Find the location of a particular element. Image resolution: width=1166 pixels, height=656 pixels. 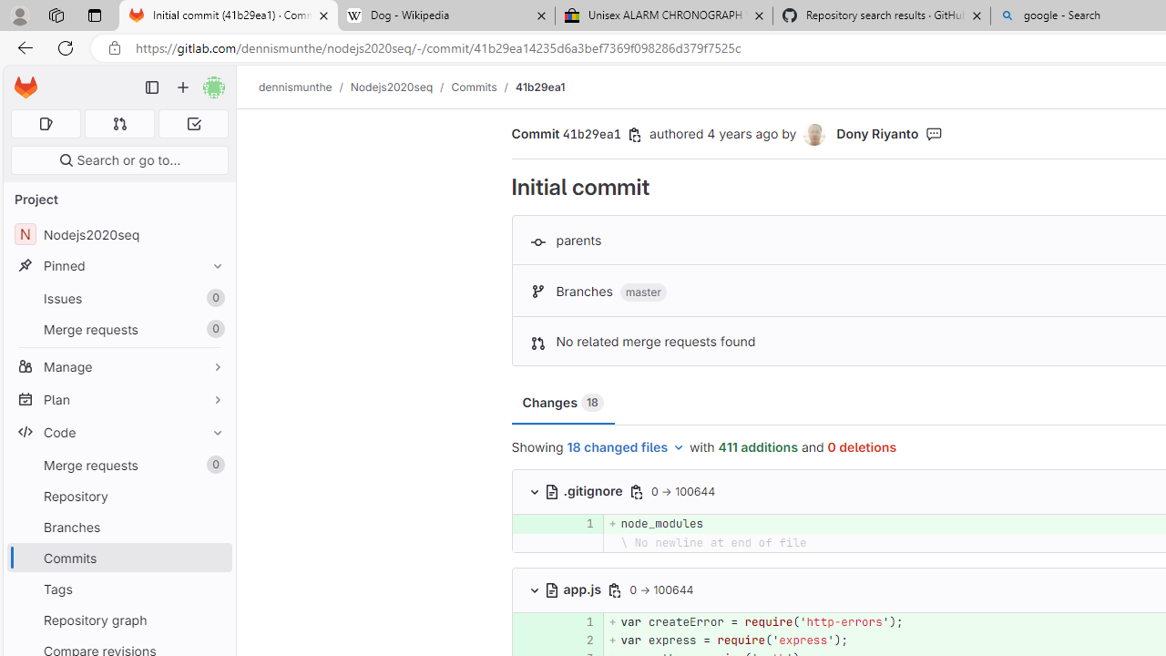

'Assigned issues 0' is located at coordinates (46, 123).